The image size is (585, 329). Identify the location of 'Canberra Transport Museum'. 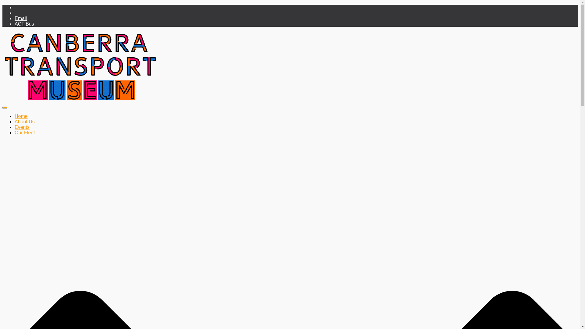
(2, 100).